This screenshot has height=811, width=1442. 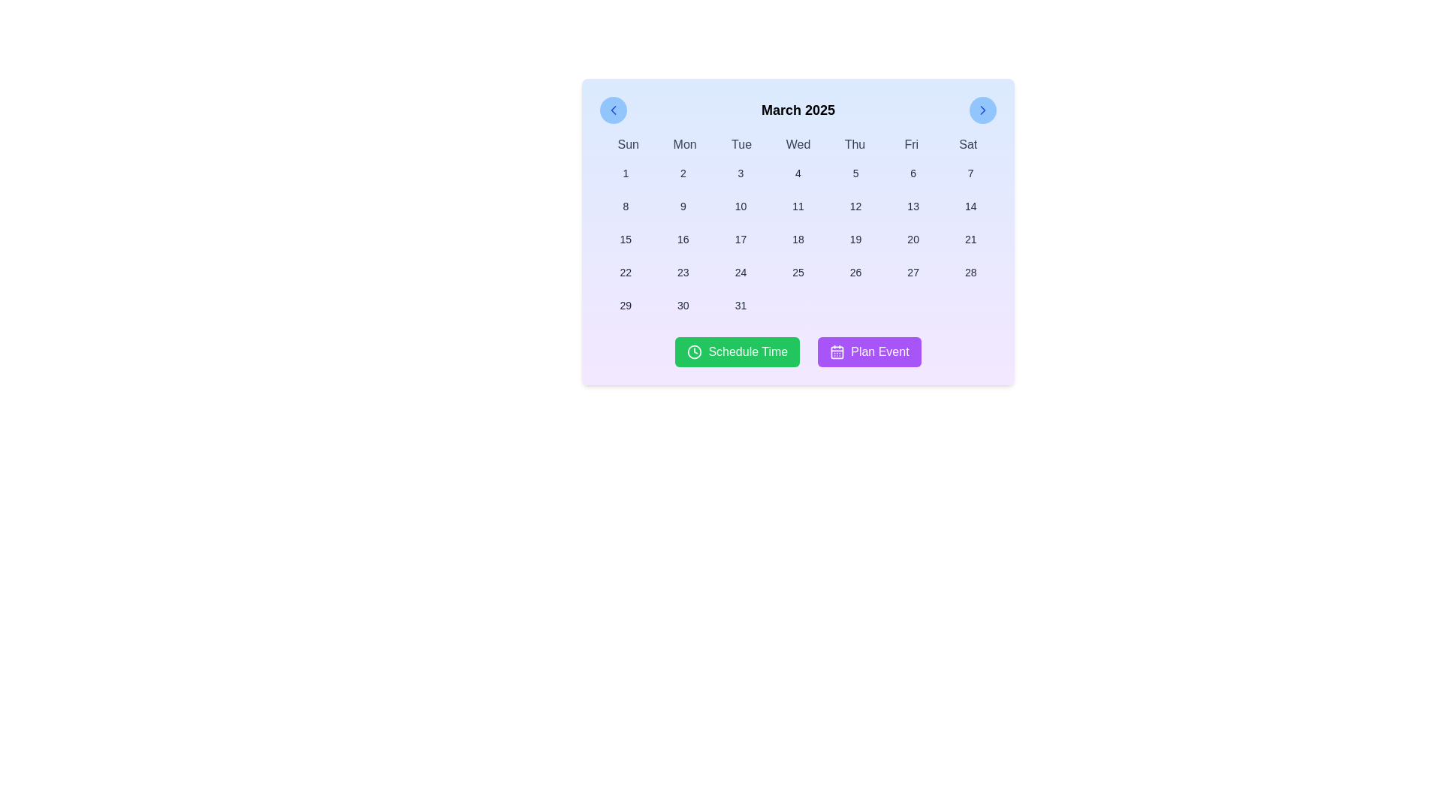 I want to click on the 12th selectable date, so click(x=855, y=206).